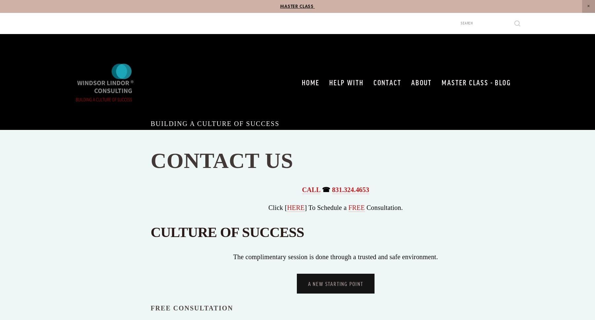  I want to click on 'CONTACT US', so click(224, 160).